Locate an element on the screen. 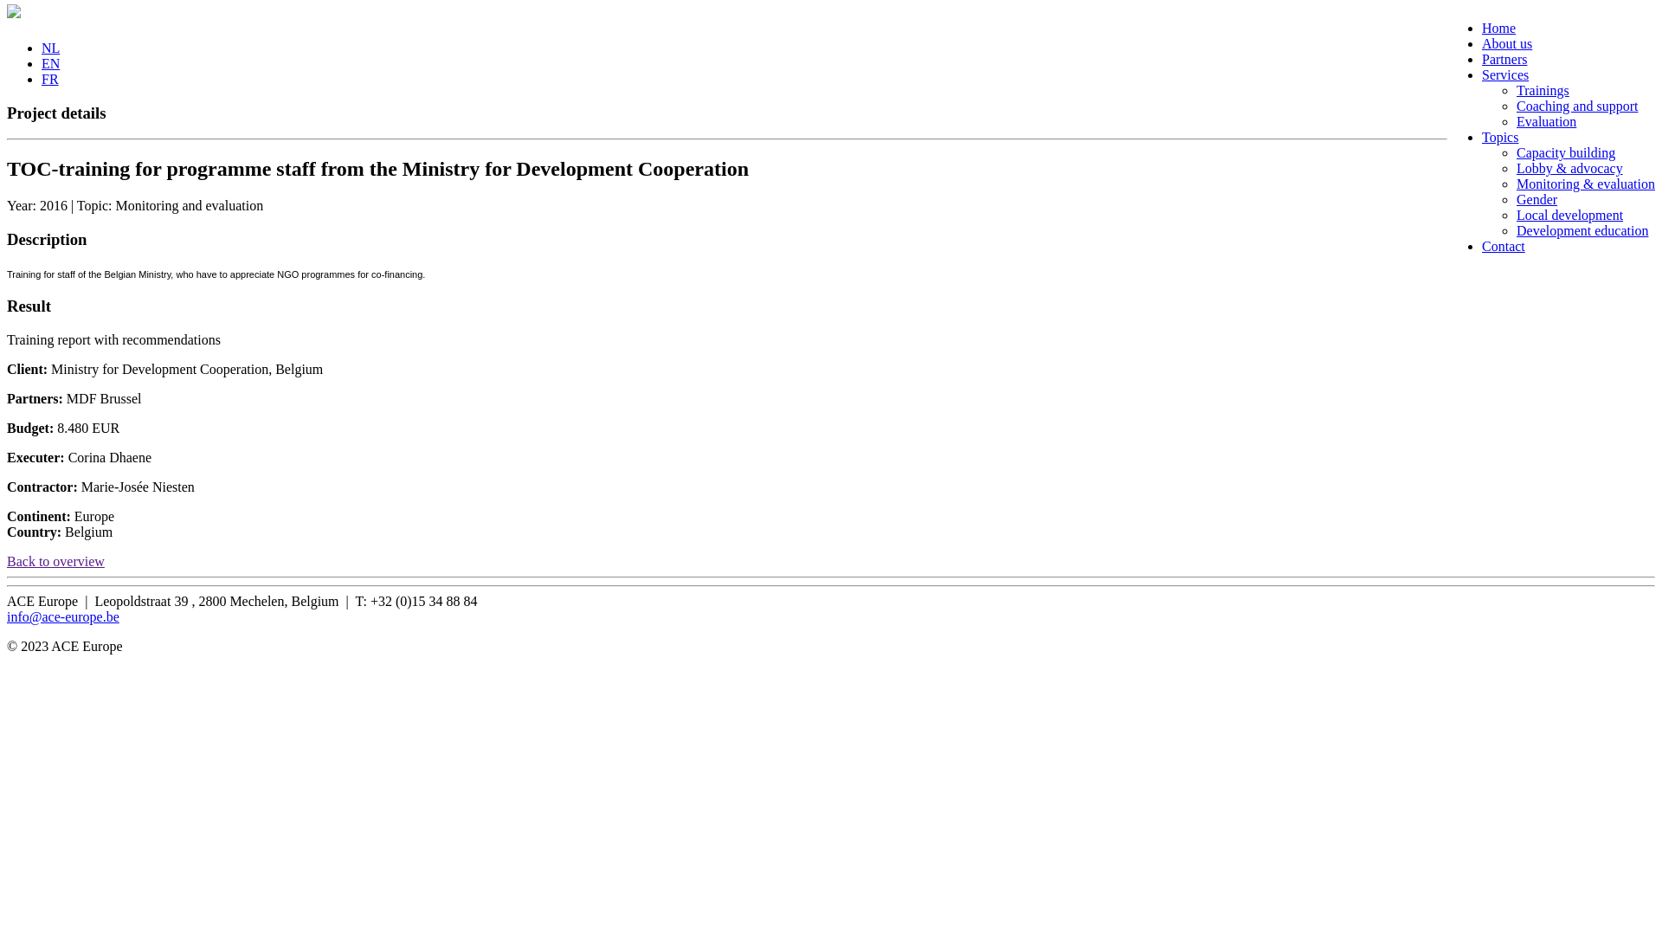 This screenshot has width=1662, height=935. 'Development education' is located at coordinates (1582, 229).